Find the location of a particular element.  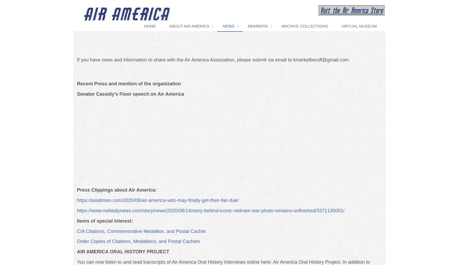

'If you have news and information to share with the Air America Association, please submit via email to kmerkelboruff@gmail.com.' is located at coordinates (77, 60).